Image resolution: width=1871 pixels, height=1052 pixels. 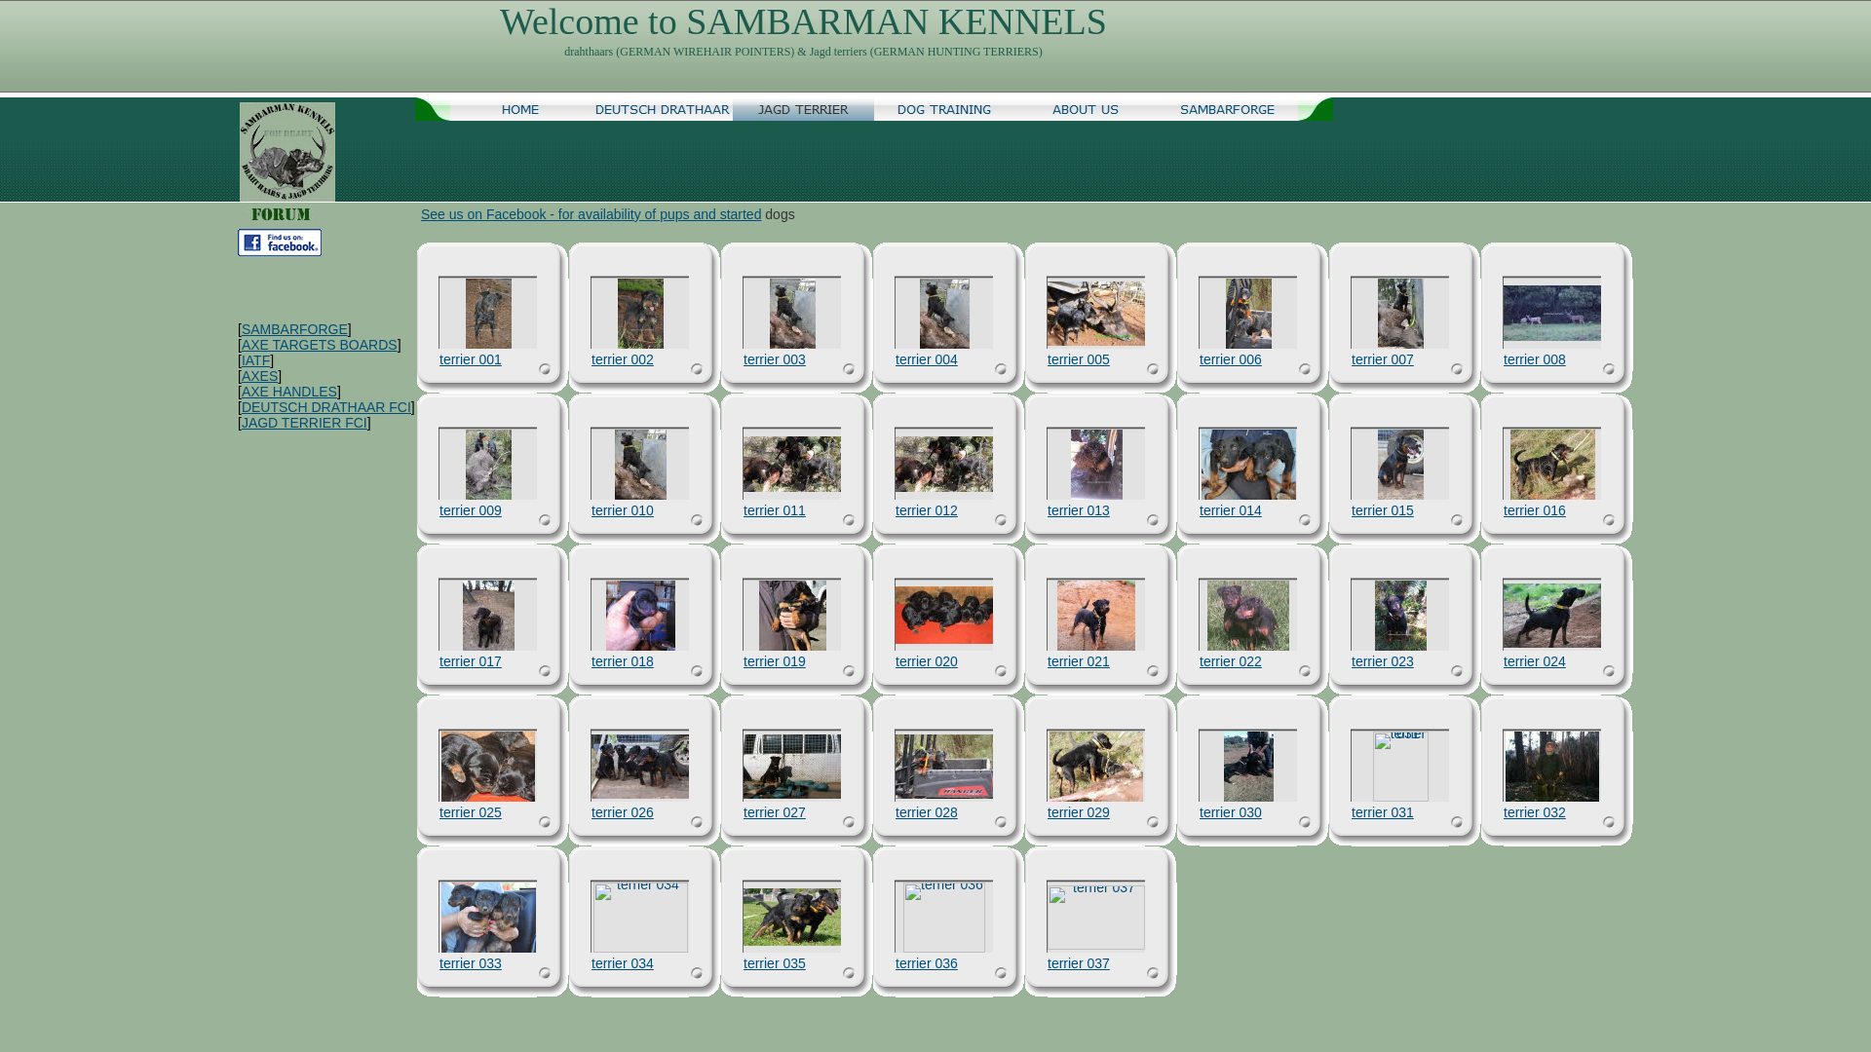 What do you see at coordinates (281, 213) in the screenshot?
I see `'forum'` at bounding box center [281, 213].